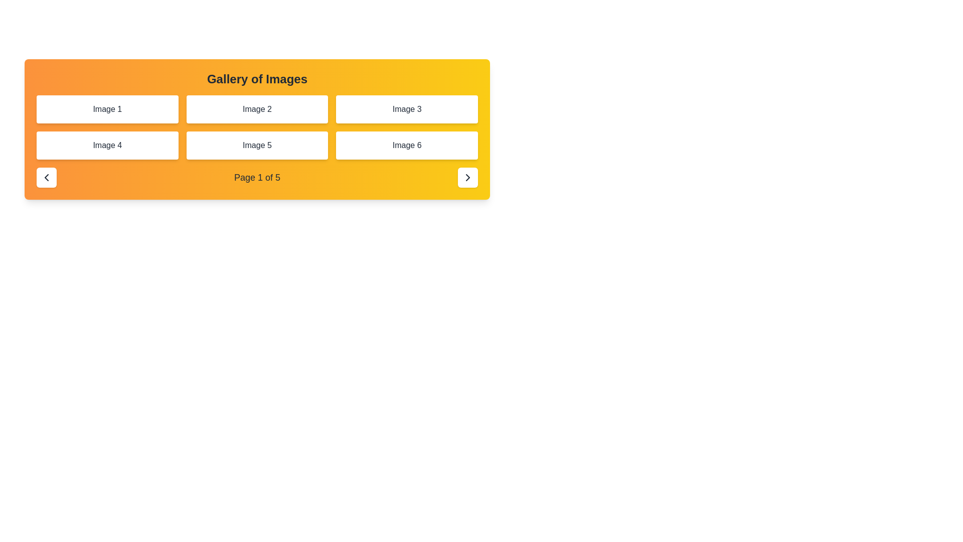 The height and width of the screenshot is (542, 963). Describe the element at coordinates (46, 177) in the screenshot. I see `the leftward-facing chevron icon located in the left navigation button of the pagination control at the bottom left corner of the image gallery card` at that location.